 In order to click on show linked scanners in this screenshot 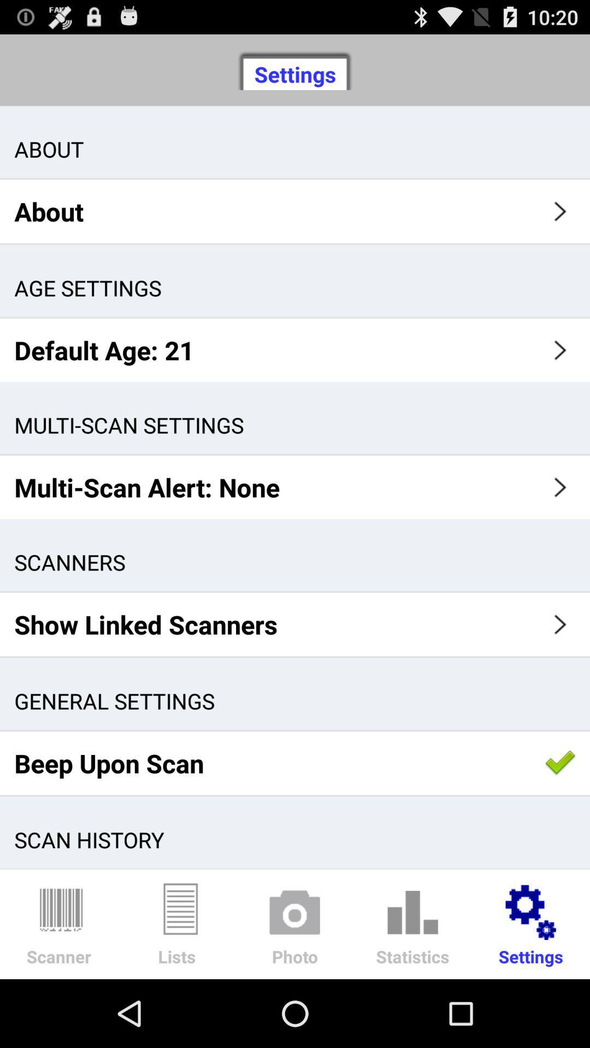, I will do `click(295, 624)`.